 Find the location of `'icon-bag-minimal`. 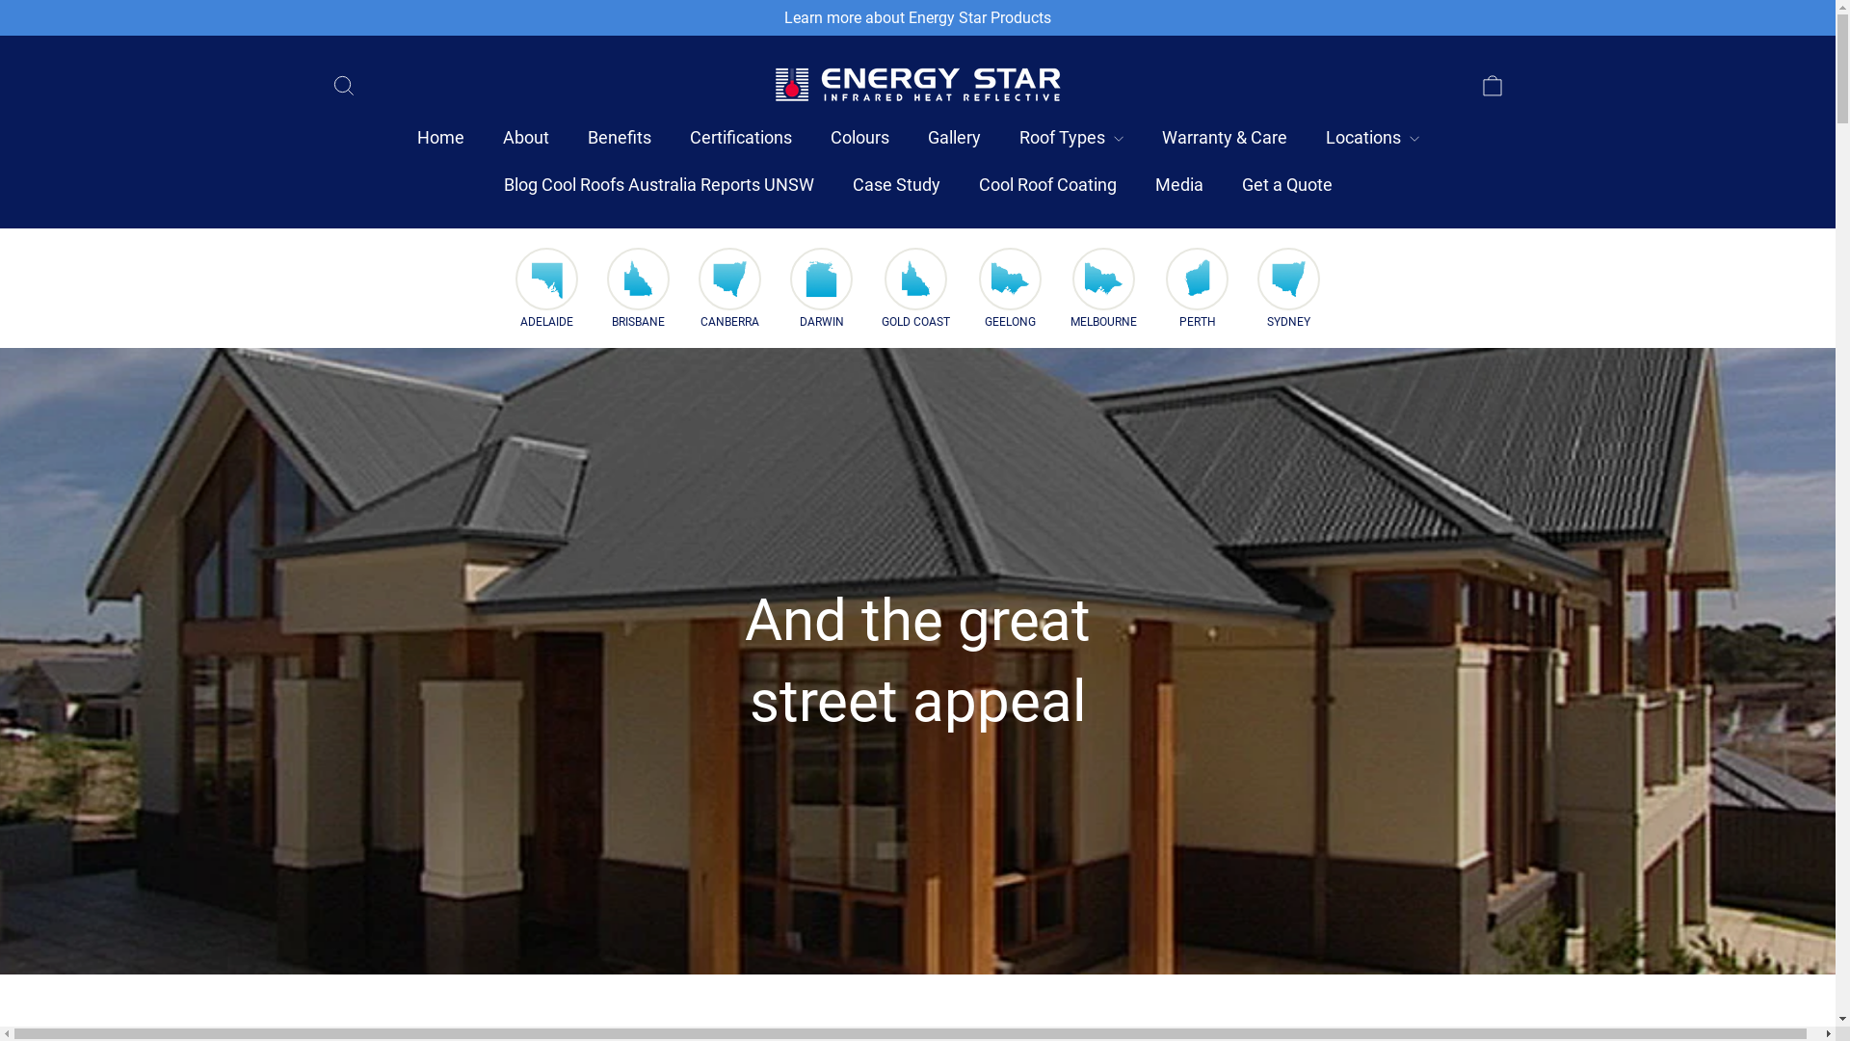

'icon-bag-minimal is located at coordinates (1491, 83).